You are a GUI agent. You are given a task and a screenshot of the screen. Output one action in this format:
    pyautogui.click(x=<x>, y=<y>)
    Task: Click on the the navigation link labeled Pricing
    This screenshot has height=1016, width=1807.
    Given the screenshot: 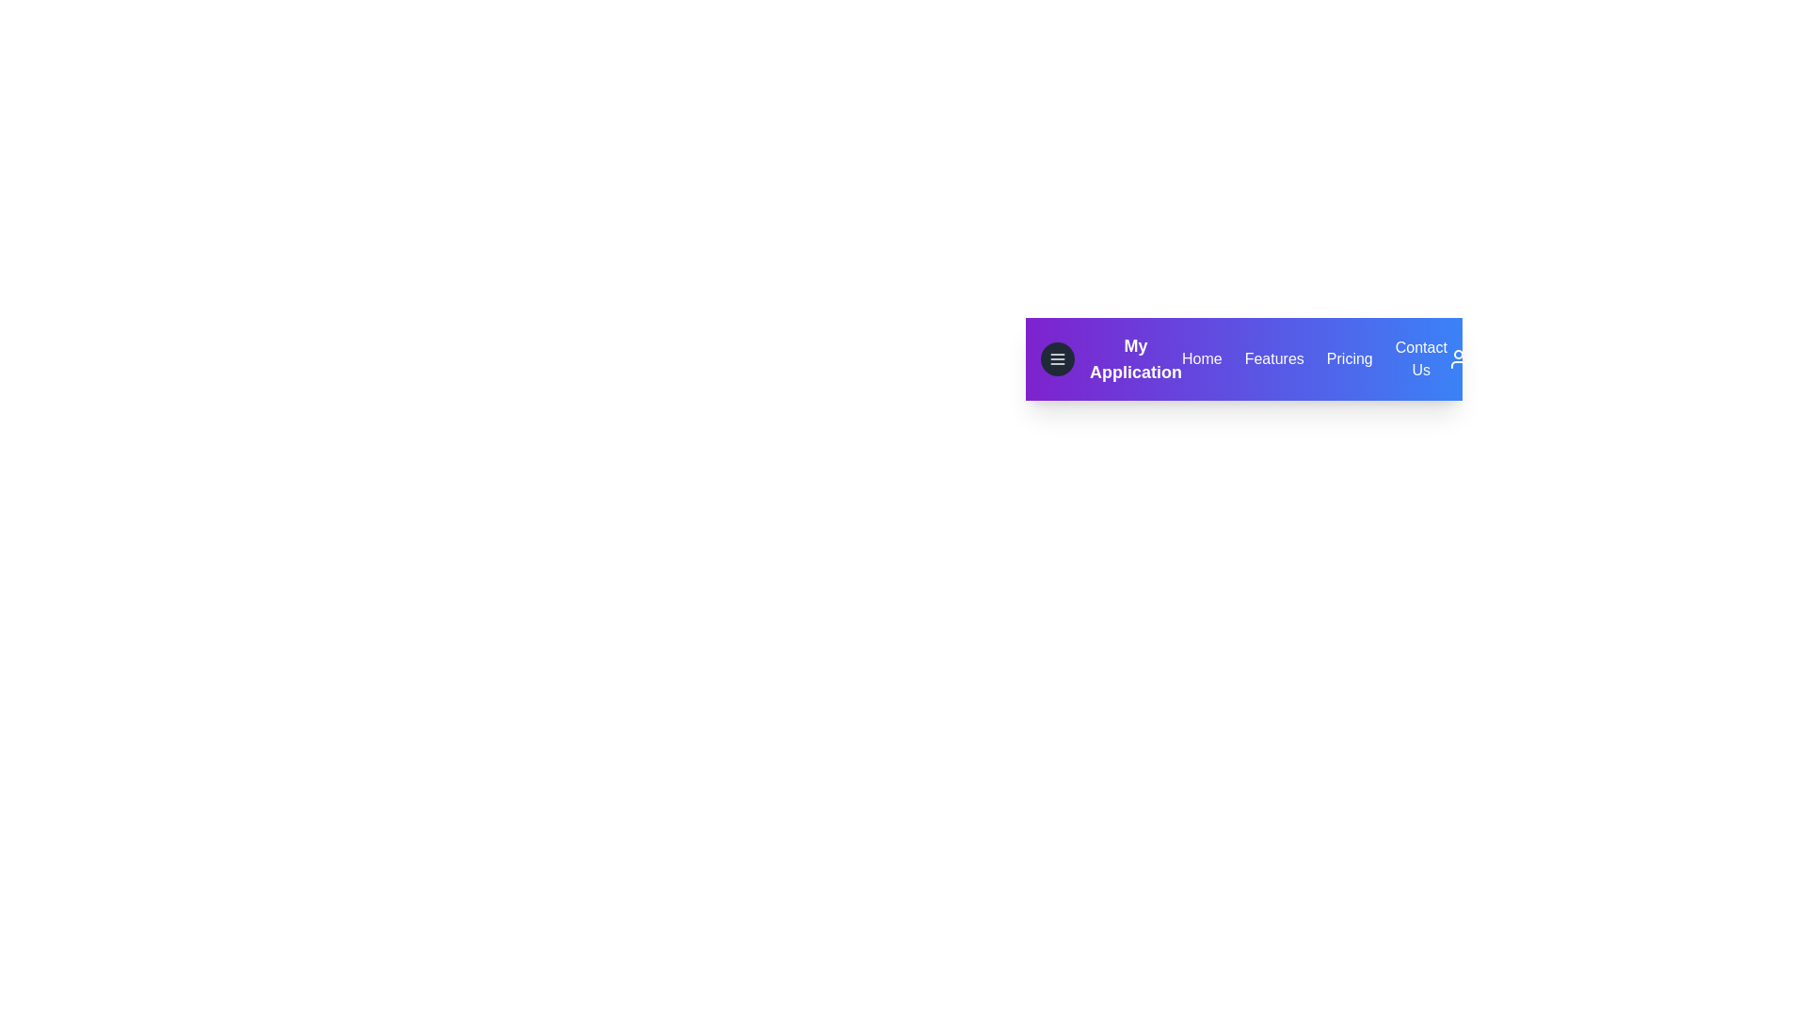 What is the action you would take?
    pyautogui.click(x=1349, y=358)
    